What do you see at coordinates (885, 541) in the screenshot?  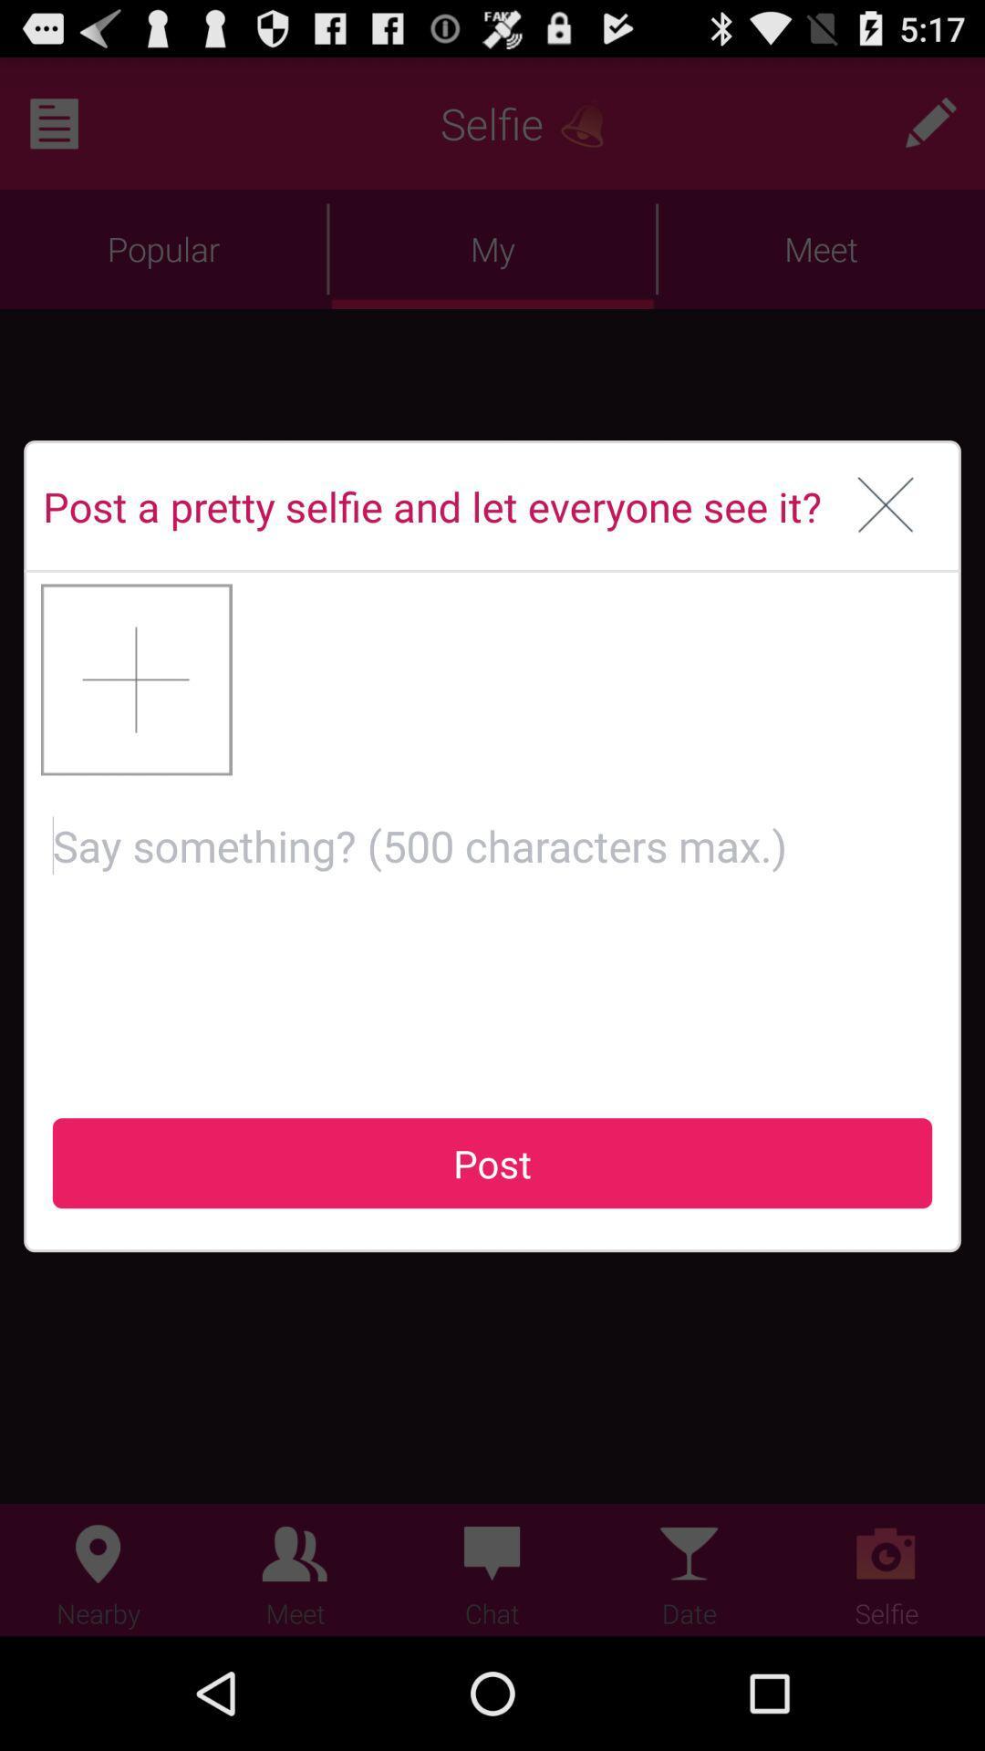 I see `the close icon` at bounding box center [885, 541].